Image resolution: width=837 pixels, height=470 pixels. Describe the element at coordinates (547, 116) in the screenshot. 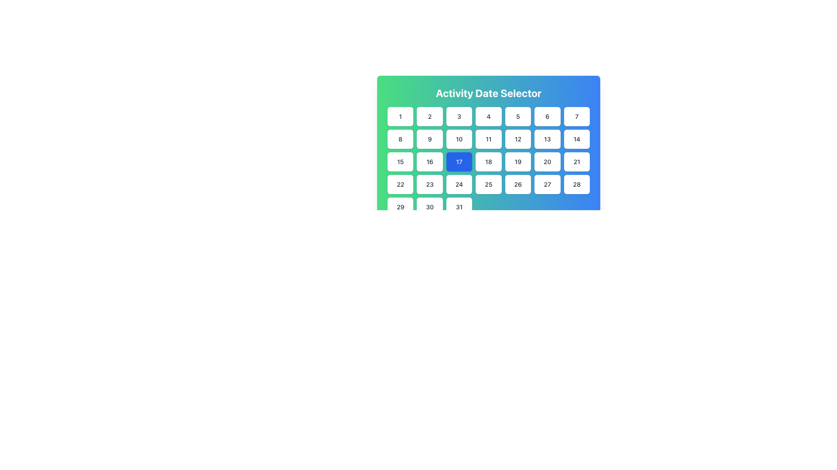

I see `the button labeled '6'` at that location.